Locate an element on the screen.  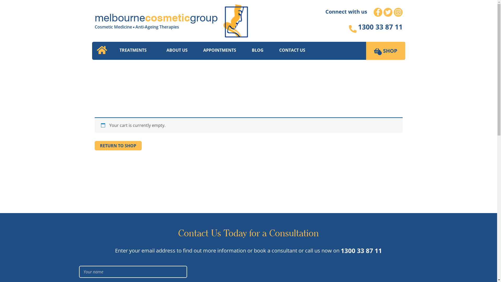
'APPOINTMENTS' is located at coordinates (219, 50).